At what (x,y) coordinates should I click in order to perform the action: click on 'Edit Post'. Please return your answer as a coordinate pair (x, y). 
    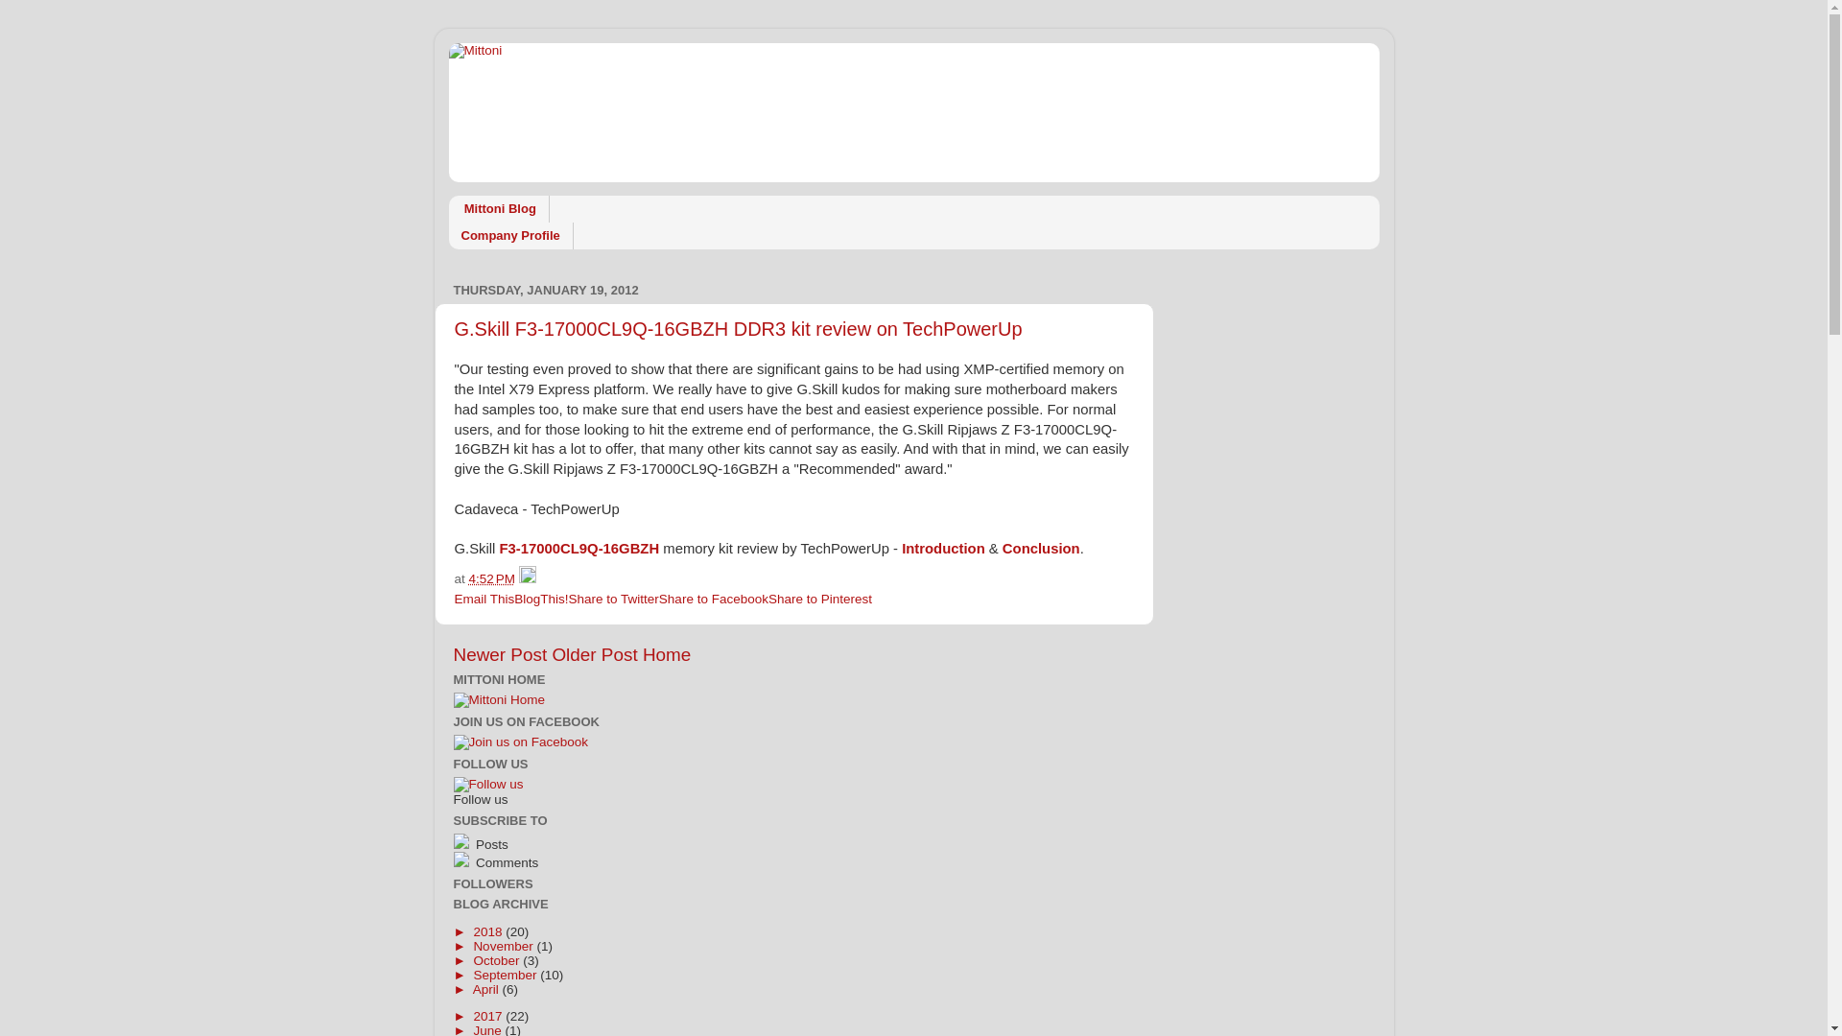
    Looking at the image, I should click on (528, 577).